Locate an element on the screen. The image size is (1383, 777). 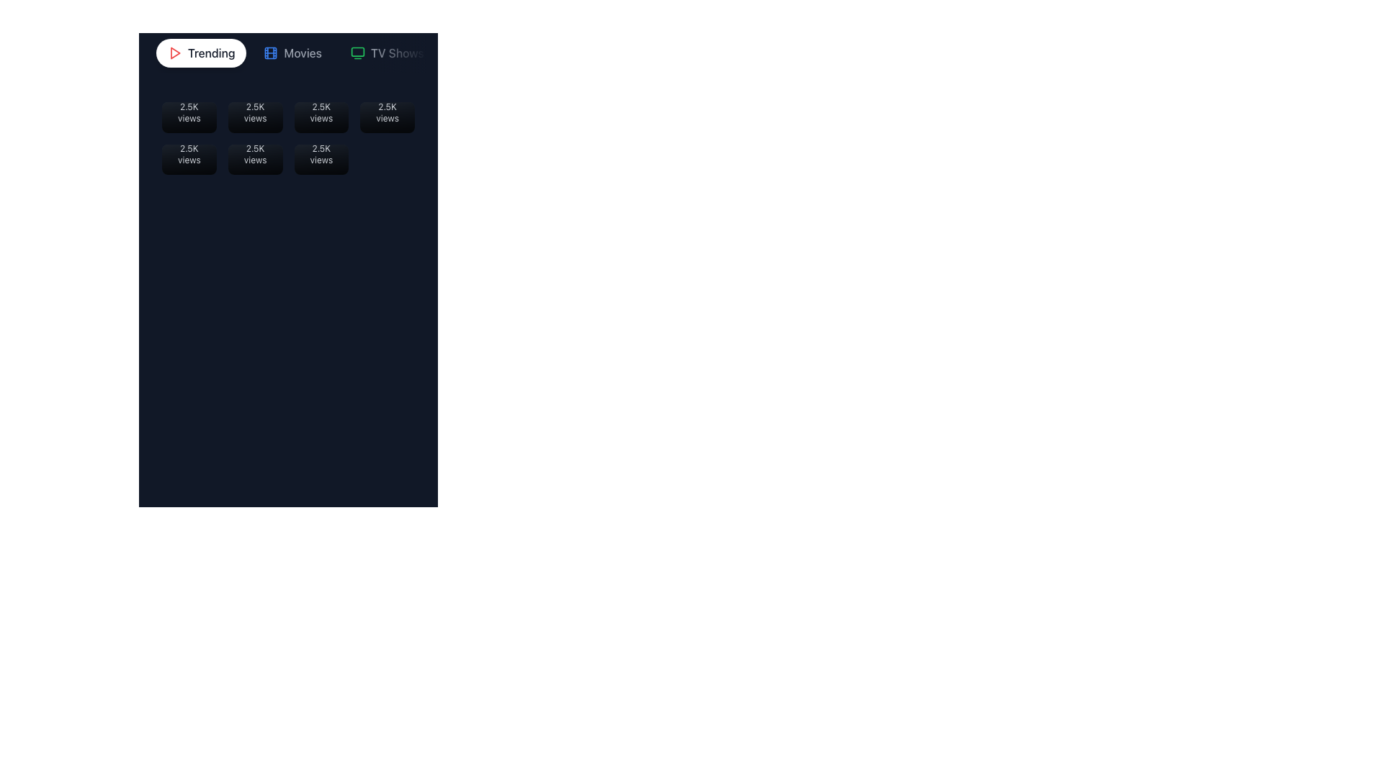
the rectangular button with a red background and white text saying 'Watch Now' is located at coordinates (321, 159).